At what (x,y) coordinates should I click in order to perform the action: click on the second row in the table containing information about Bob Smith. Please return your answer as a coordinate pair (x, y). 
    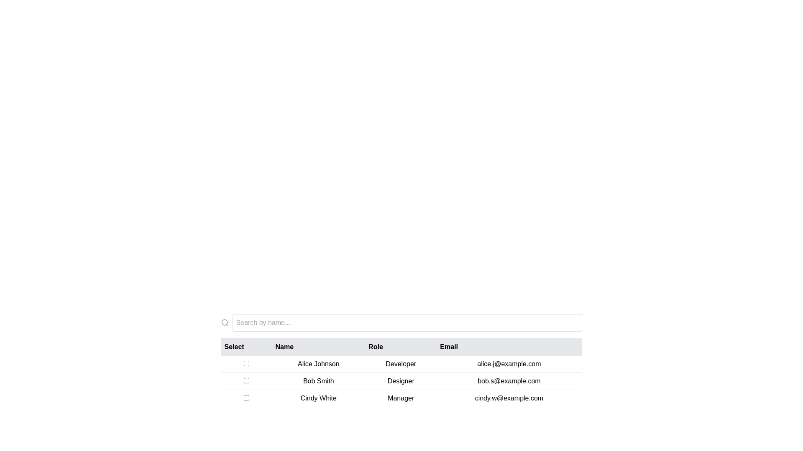
    Looking at the image, I should click on (401, 381).